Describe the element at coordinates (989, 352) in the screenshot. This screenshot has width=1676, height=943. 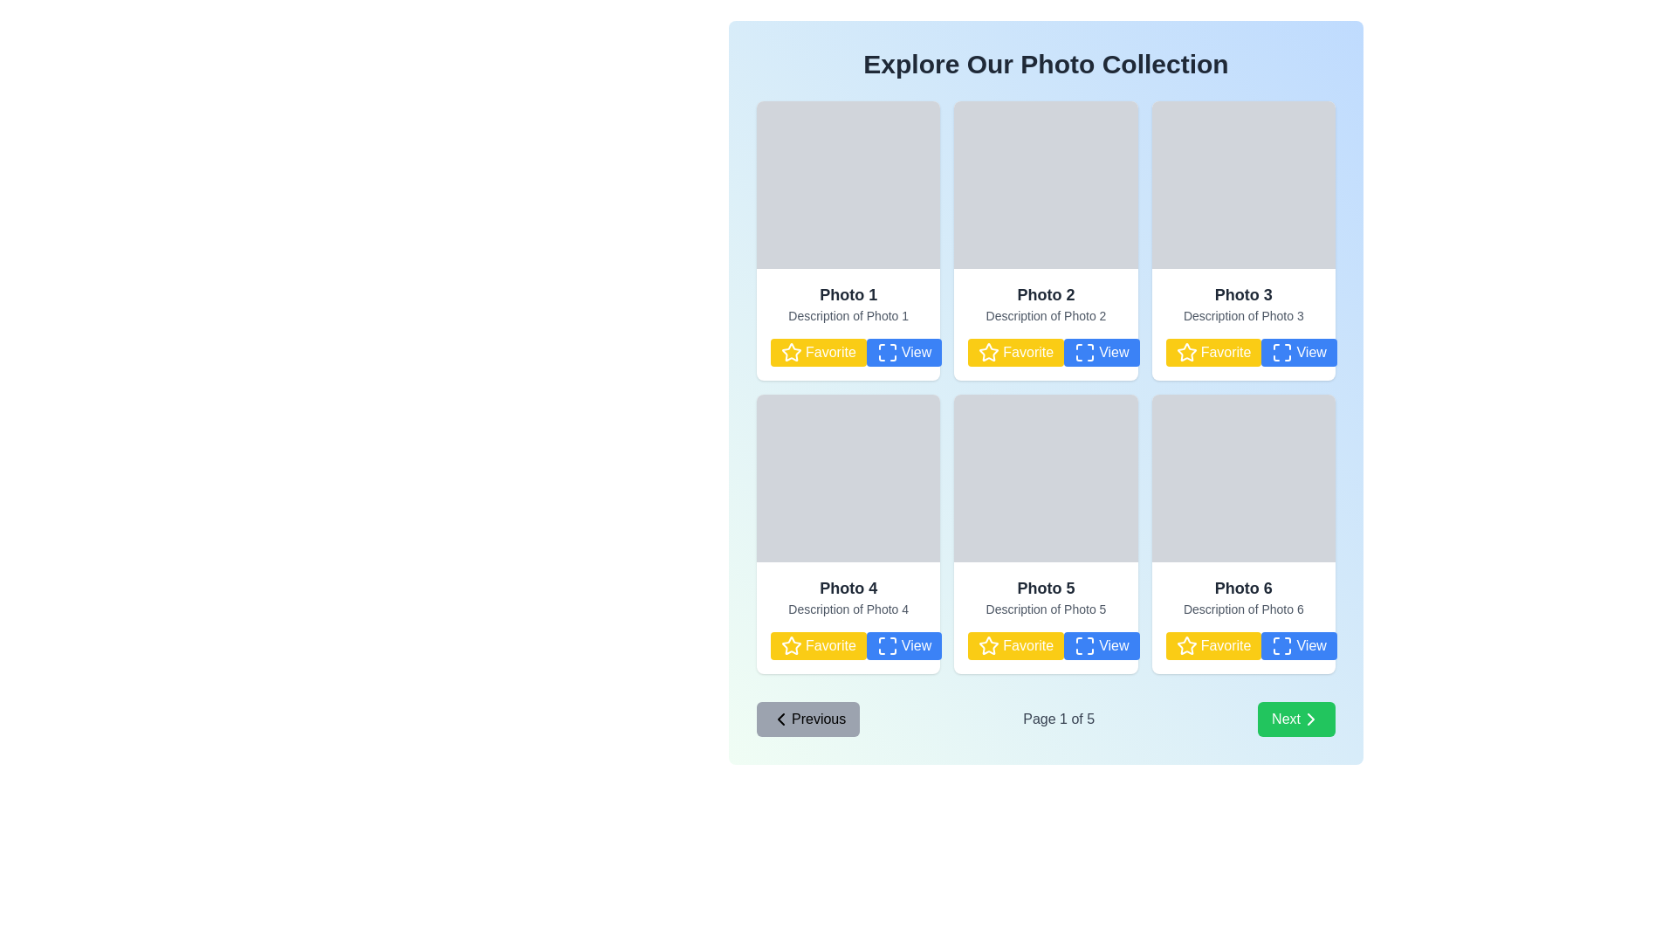
I see `the favorite icon located on the second card in the top row of the grid layout` at that location.